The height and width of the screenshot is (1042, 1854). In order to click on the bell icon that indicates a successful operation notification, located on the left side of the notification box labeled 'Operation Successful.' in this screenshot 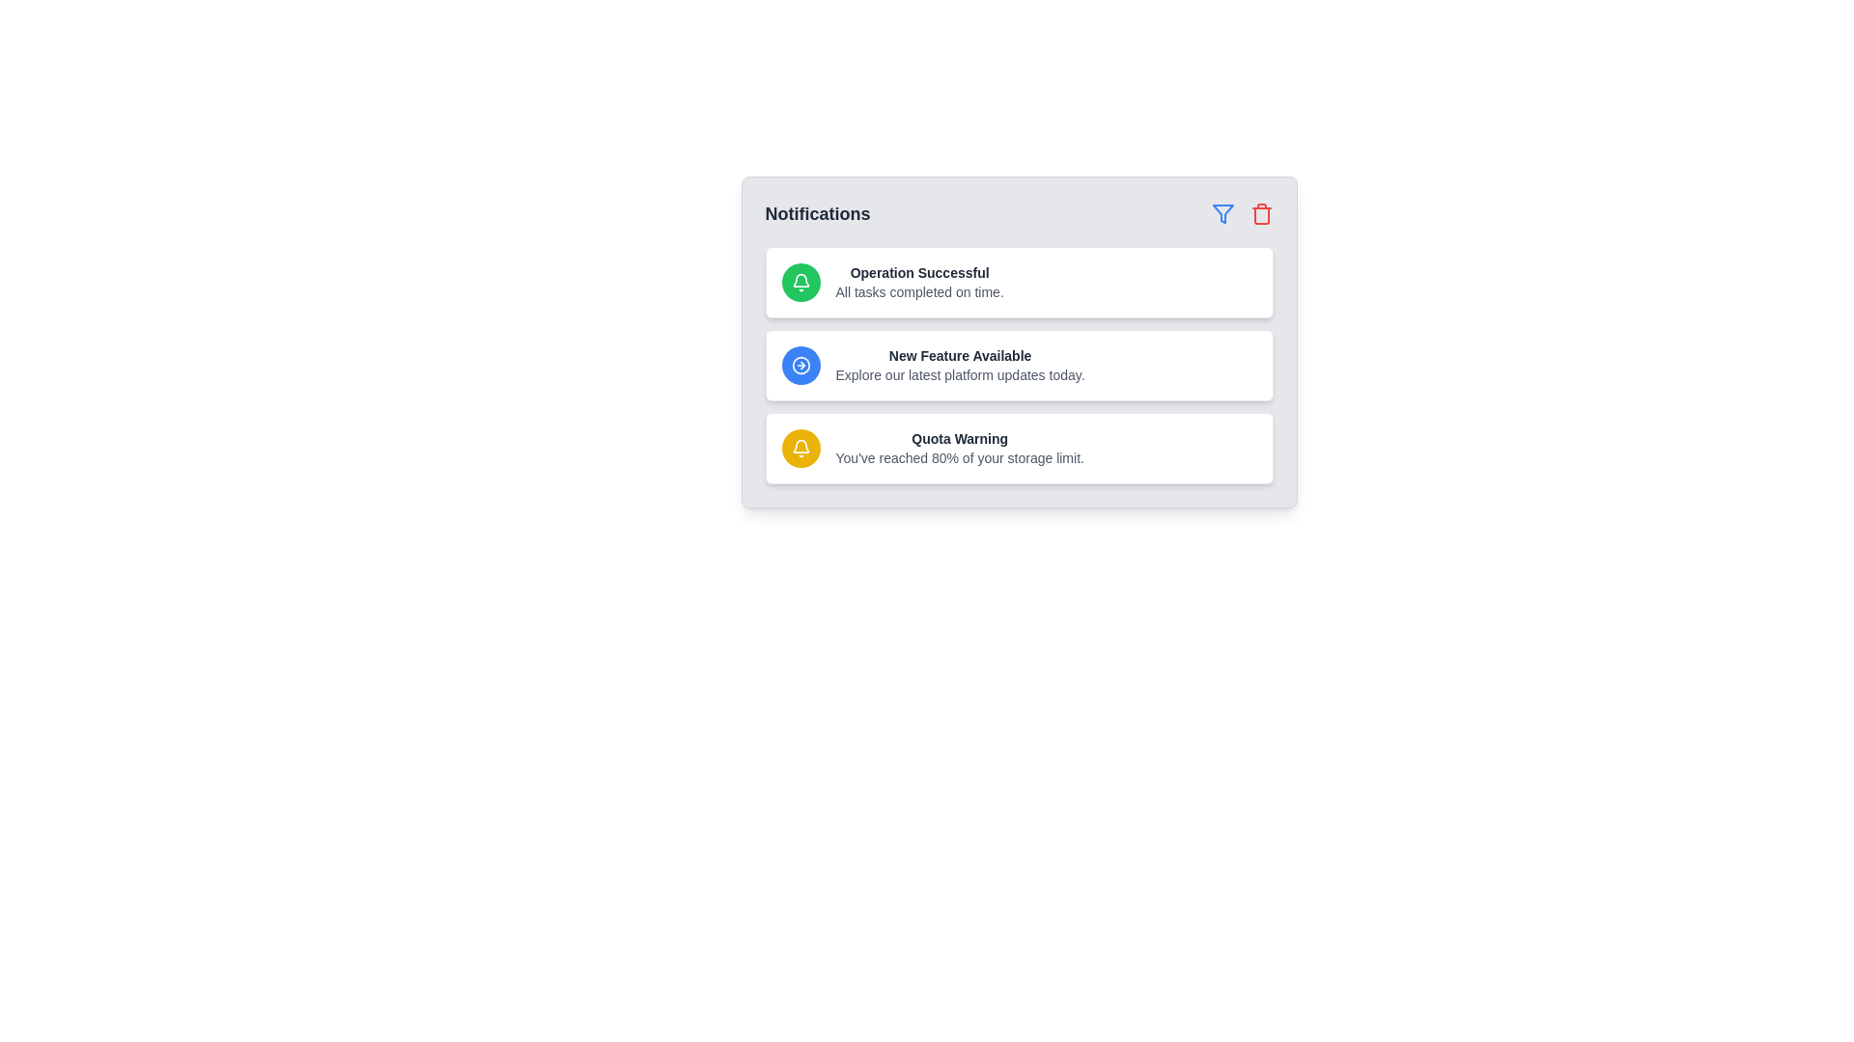, I will do `click(801, 283)`.